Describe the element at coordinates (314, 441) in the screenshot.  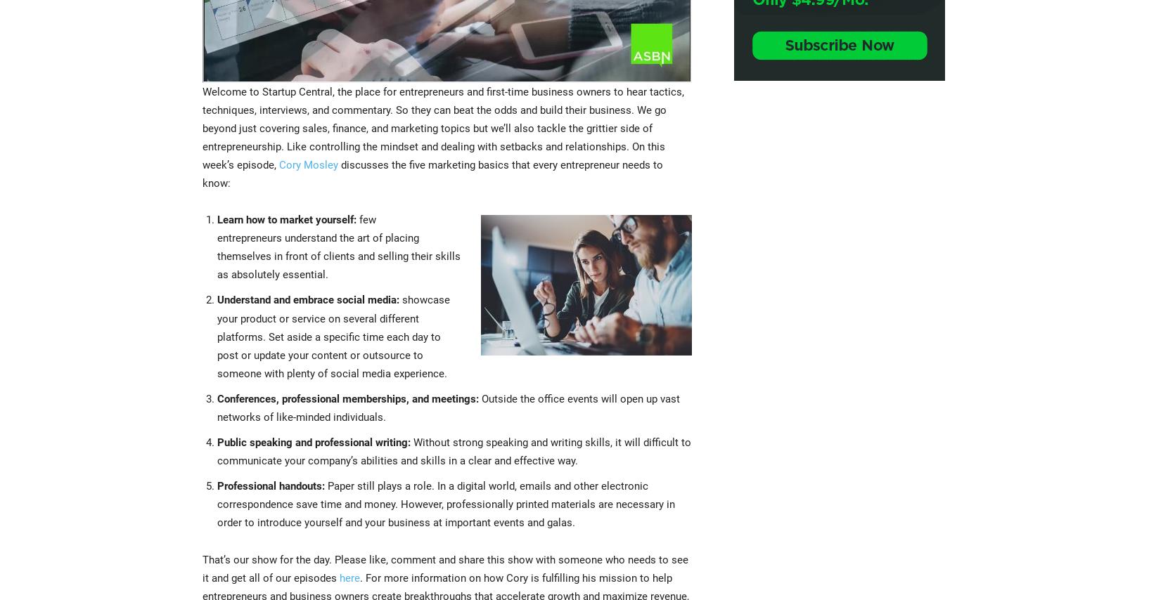
I see `'Public speaking and professional writing:'` at that location.